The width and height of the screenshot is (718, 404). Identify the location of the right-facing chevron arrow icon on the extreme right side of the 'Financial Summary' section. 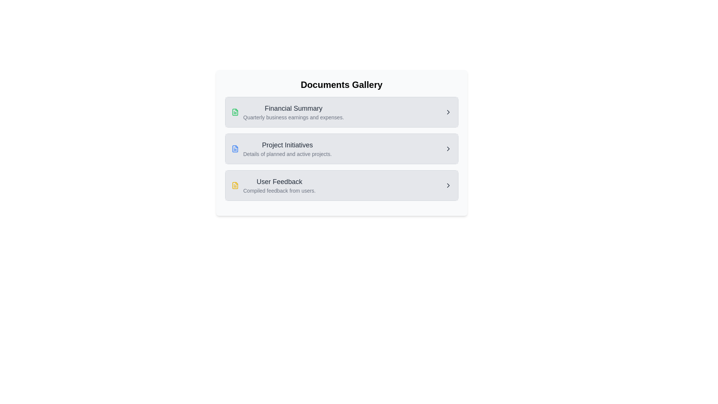
(448, 112).